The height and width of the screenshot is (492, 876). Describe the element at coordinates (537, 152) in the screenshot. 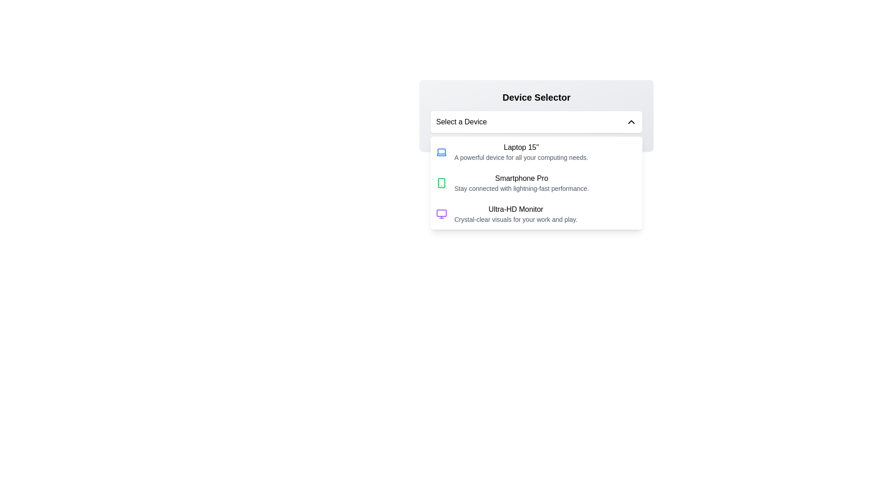

I see `the first list item in the 'Device Selector' dropdown menu, which features a laptop icon and the title 'Laptop 15''` at that location.